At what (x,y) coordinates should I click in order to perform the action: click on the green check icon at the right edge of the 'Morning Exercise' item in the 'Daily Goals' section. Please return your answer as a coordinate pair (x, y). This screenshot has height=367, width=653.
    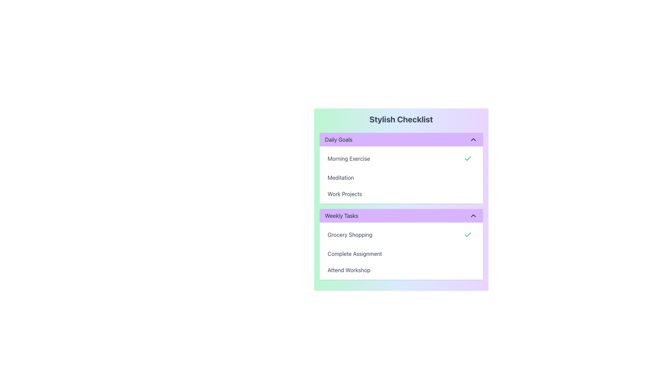
    Looking at the image, I should click on (467, 158).